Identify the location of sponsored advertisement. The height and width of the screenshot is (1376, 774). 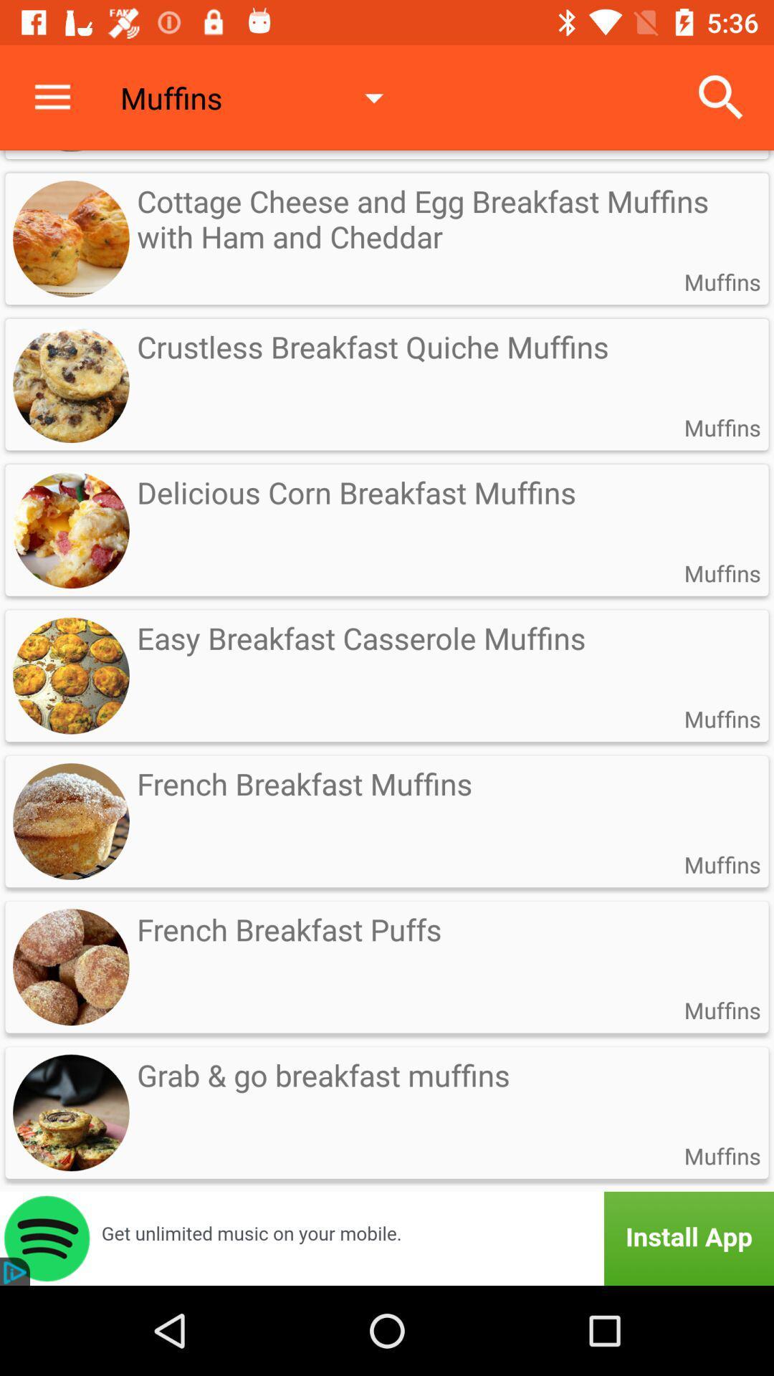
(387, 1238).